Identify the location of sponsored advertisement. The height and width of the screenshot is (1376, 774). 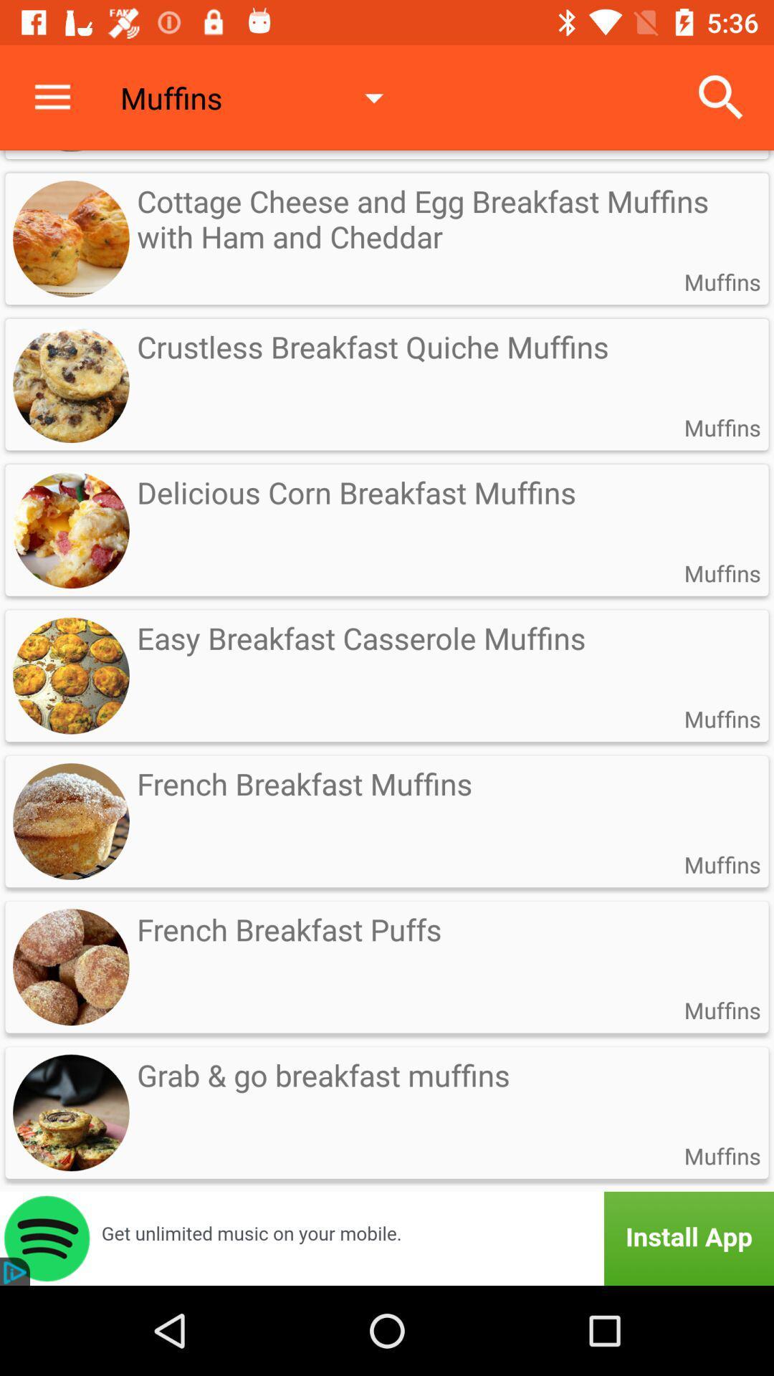
(387, 1238).